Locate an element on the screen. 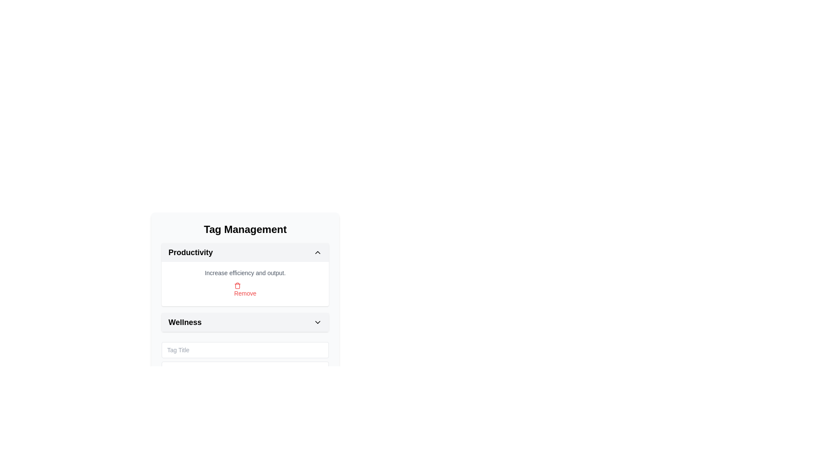 Image resolution: width=819 pixels, height=460 pixels. the button that allows users to remove associated content or tag from the list in the 'Productivity' section of the 'Tag Management' interface, located below 'Increase efficiency and output.' is located at coordinates (245, 290).